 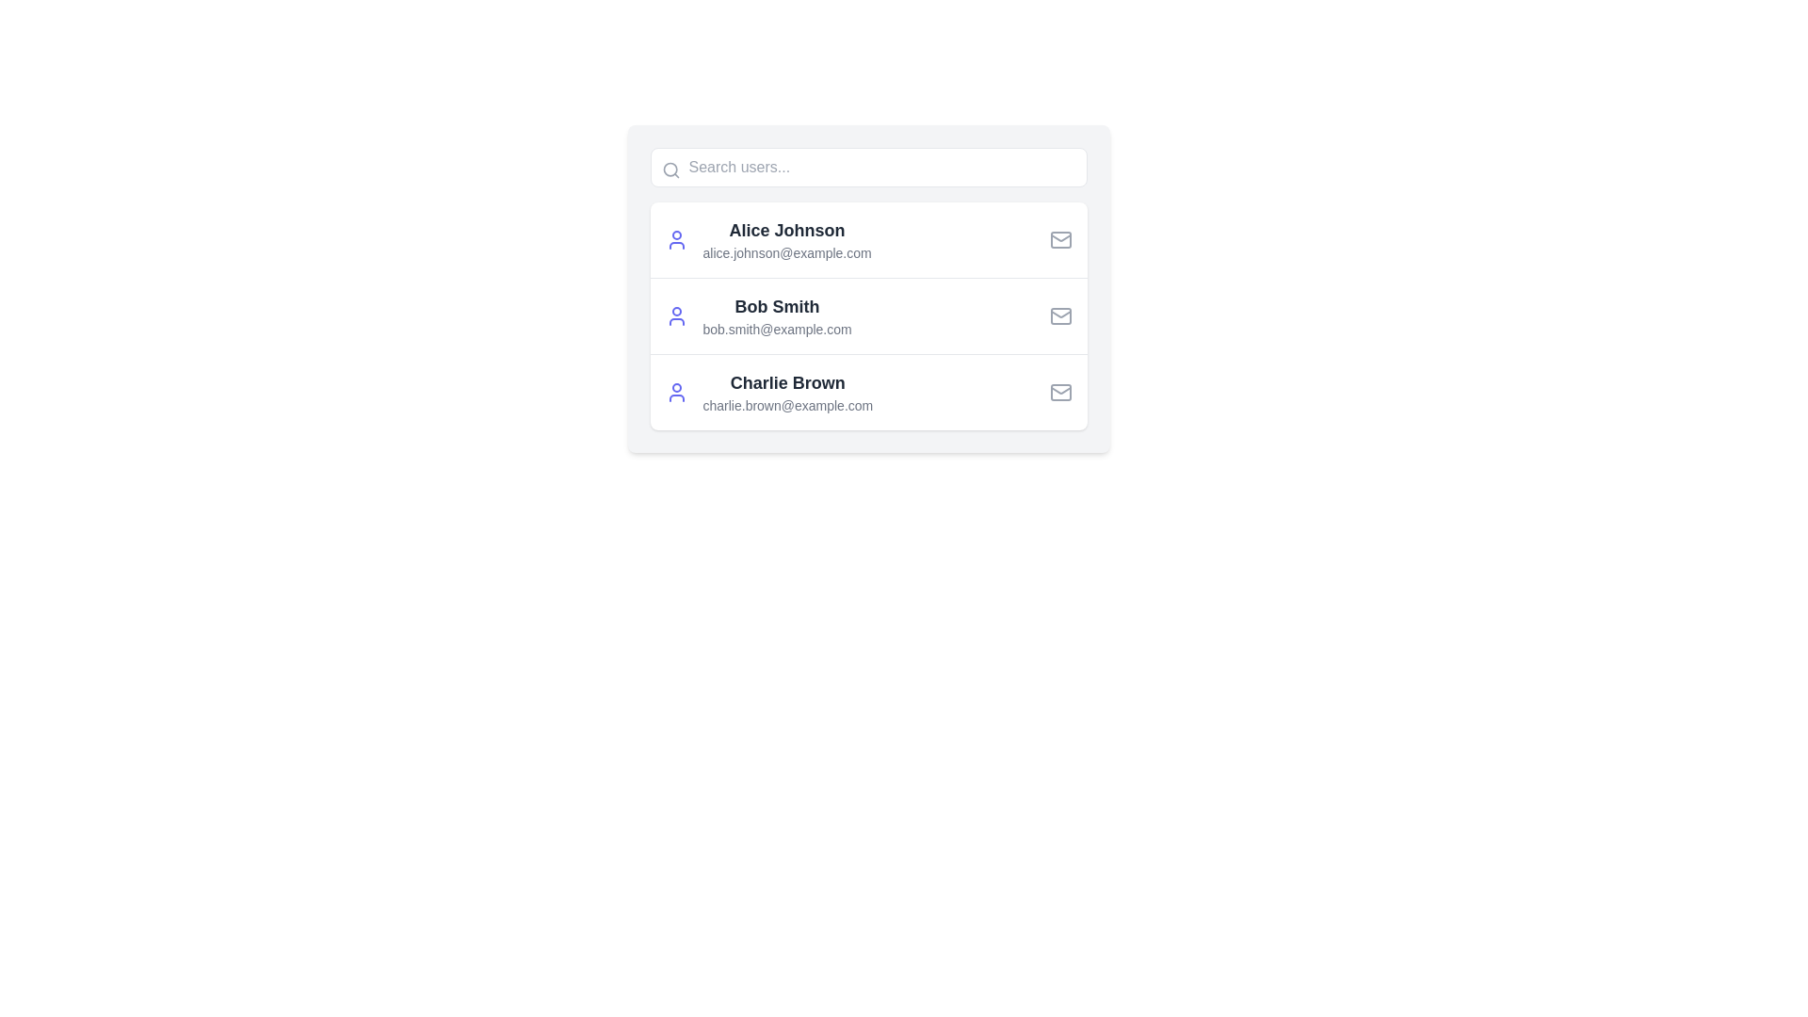 I want to click on the magnifying glass icon located within the search input field, so click(x=670, y=170).